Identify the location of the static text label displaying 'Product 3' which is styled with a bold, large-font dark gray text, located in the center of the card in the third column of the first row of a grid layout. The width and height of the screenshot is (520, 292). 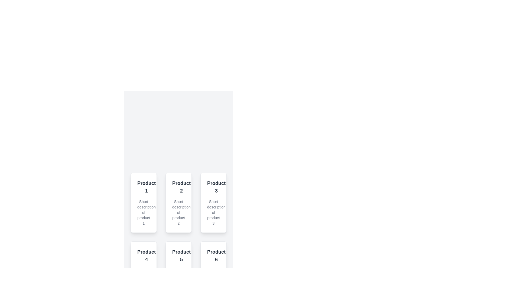
(216, 187).